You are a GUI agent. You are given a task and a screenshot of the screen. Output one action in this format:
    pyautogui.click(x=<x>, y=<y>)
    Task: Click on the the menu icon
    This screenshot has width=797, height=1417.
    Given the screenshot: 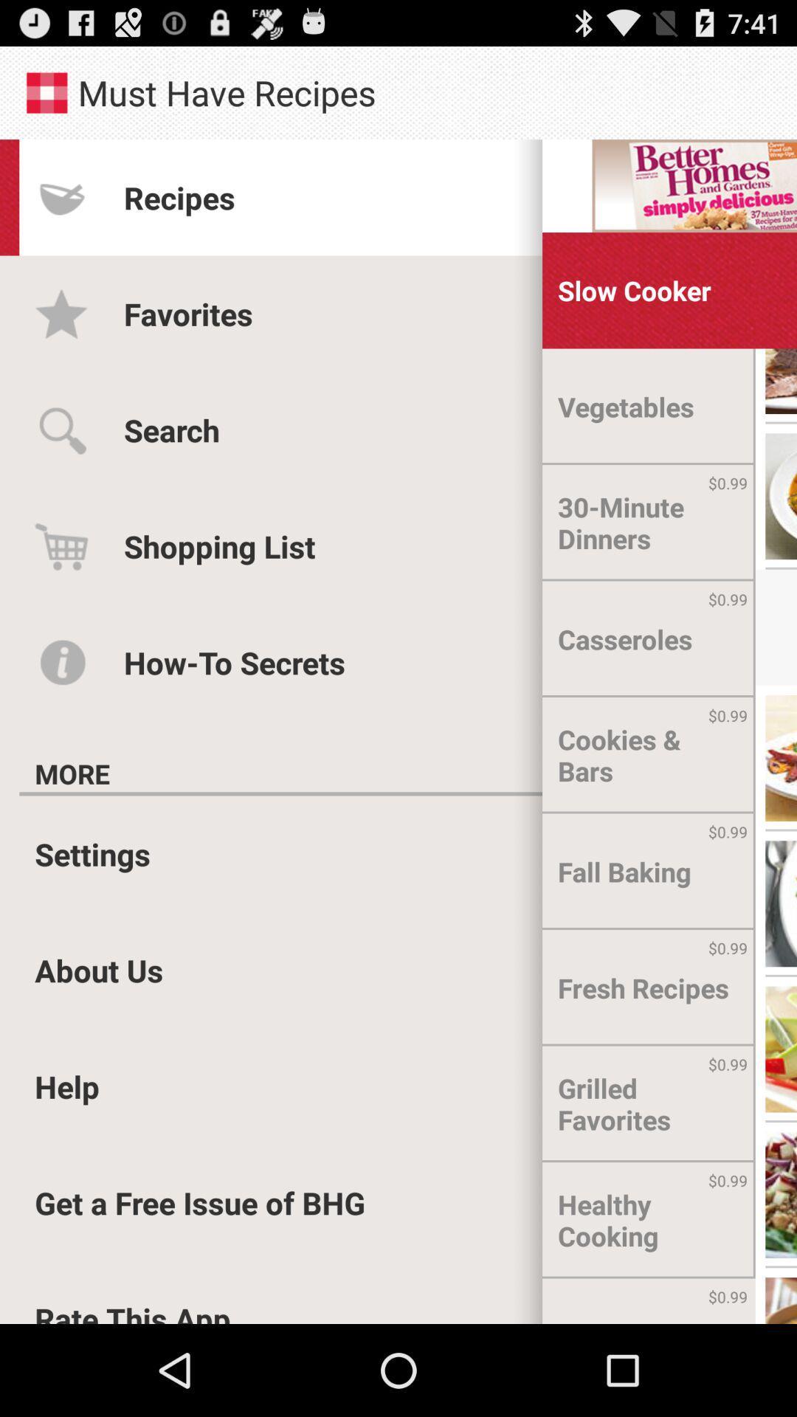 What is the action you would take?
    pyautogui.click(x=775, y=376)
    